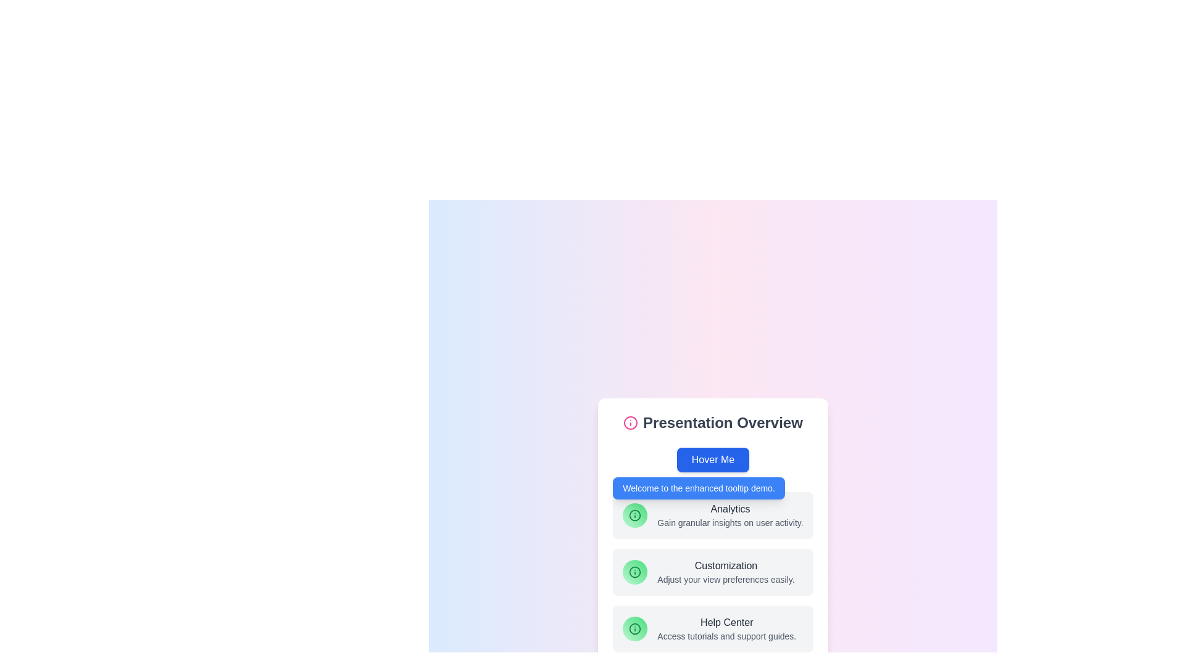 This screenshot has height=666, width=1185. What do you see at coordinates (635, 516) in the screenshot?
I see `the filled circle SVG element that is part of the circular icon located to the left of the 'Analytics' label` at bounding box center [635, 516].